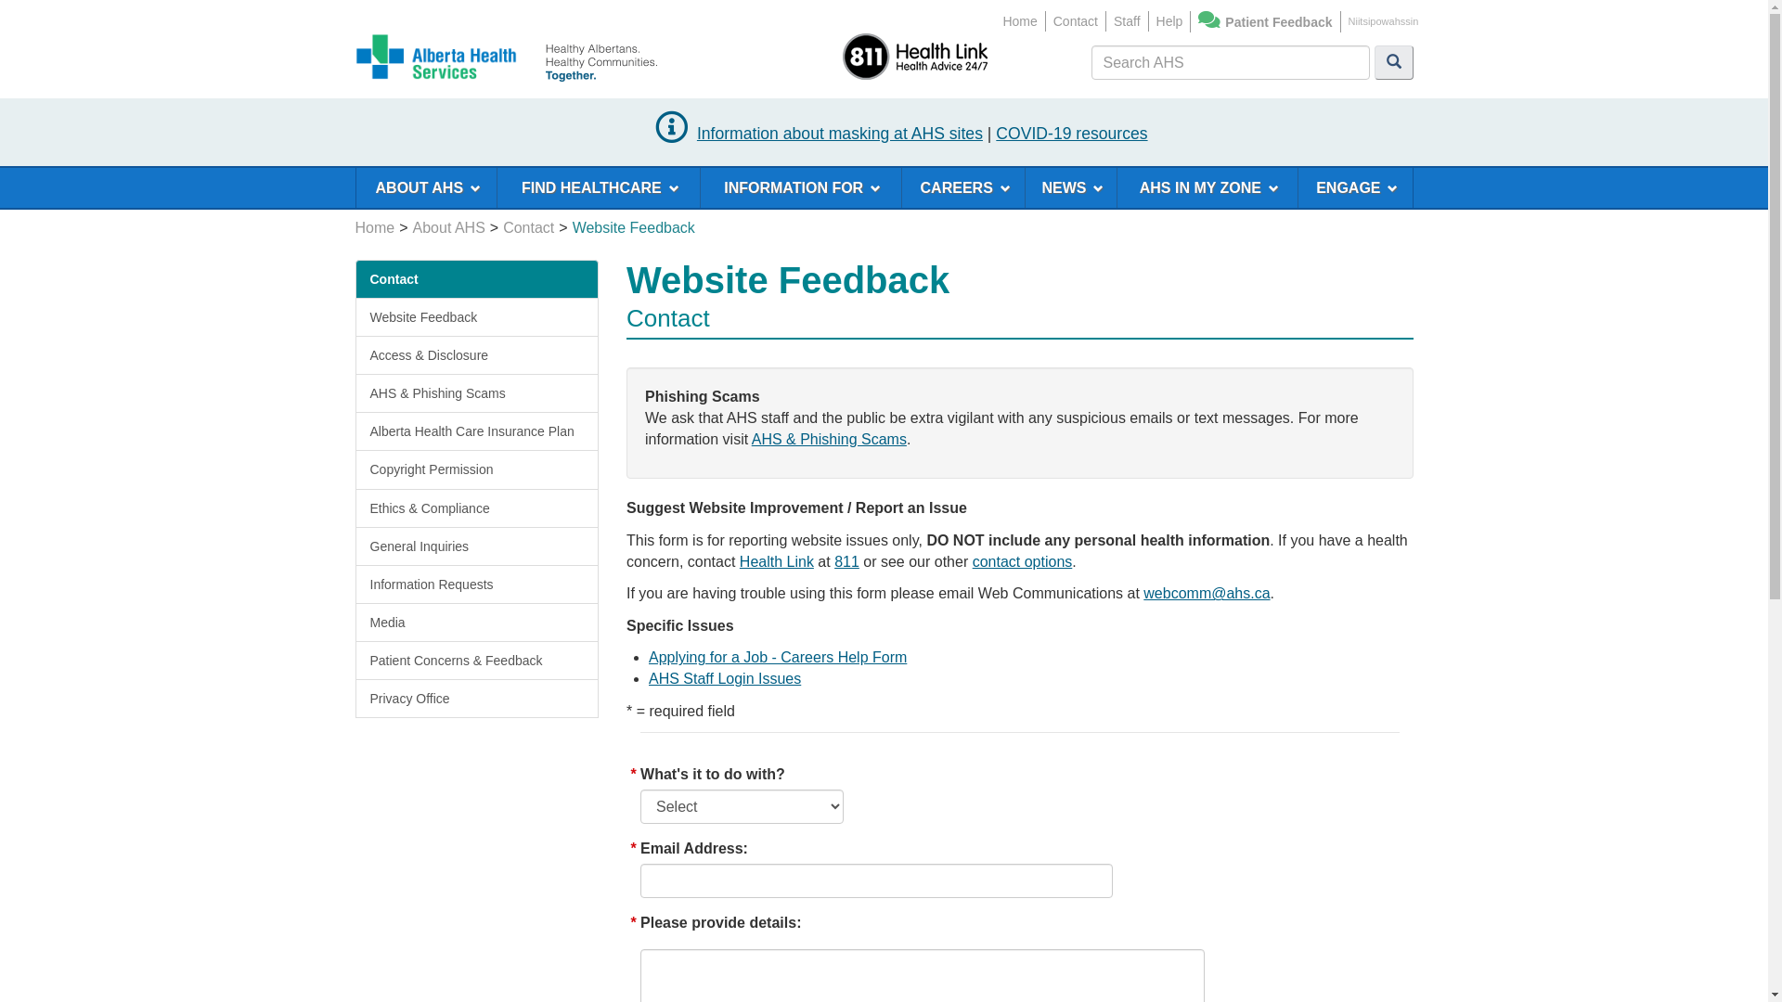 This screenshot has height=1002, width=1782. Describe the element at coordinates (476, 546) in the screenshot. I see `'General Inquiries'` at that location.